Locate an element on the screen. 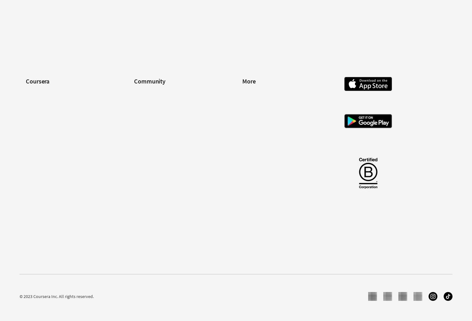 The width and height of the screenshot is (472, 321). 'All Courses' is located at coordinates (36, 244).